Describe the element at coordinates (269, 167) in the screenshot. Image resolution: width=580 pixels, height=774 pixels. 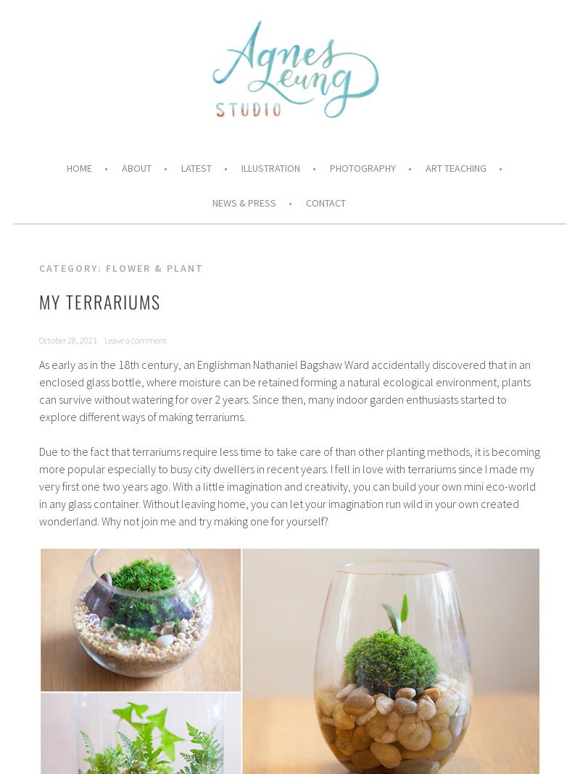
I see `'Illustration'` at that location.